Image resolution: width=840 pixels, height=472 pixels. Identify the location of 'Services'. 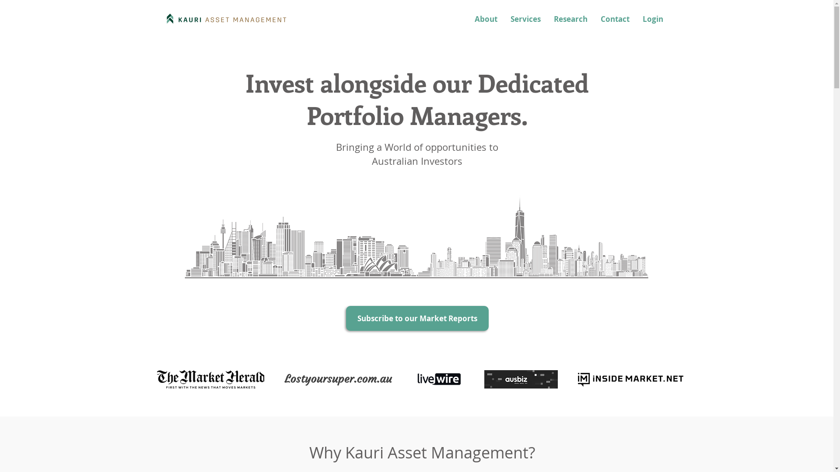
(525, 19).